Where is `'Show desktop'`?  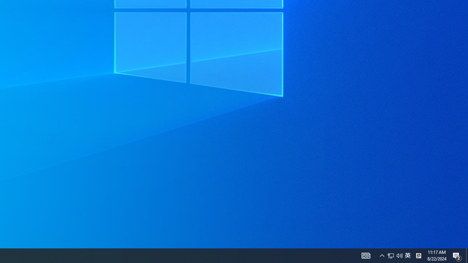 'Show desktop' is located at coordinates (467, 255).